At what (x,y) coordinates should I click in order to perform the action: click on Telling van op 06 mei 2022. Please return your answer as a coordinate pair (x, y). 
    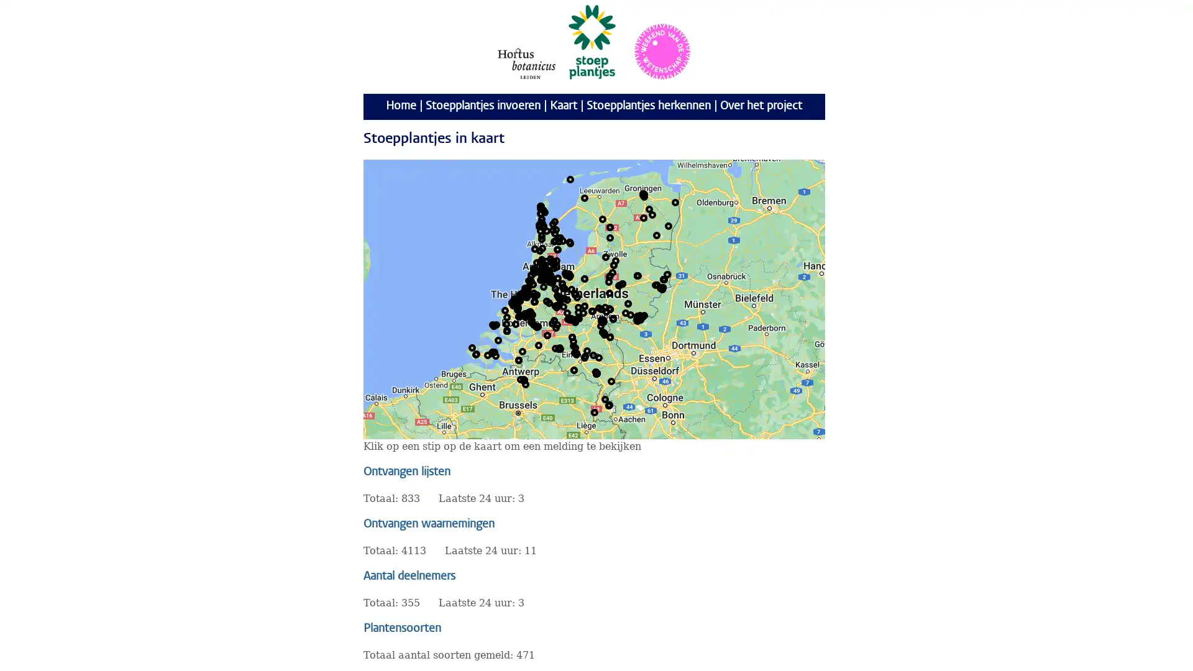
    Looking at the image, I should click on (637, 318).